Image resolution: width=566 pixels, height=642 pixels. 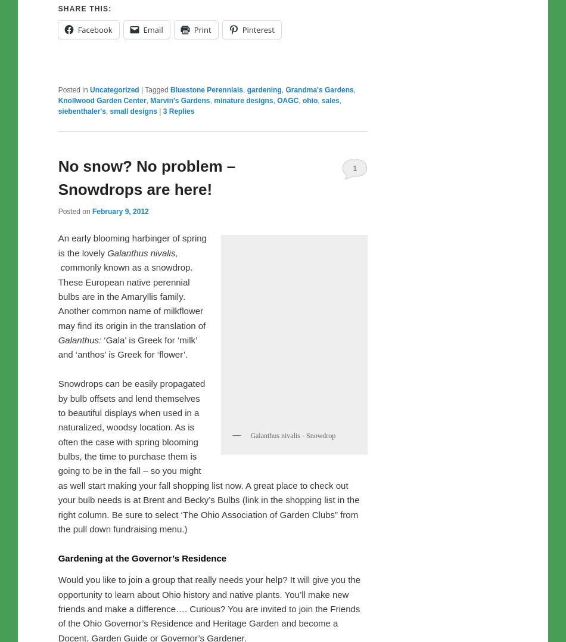 What do you see at coordinates (242, 129) in the screenshot?
I see `'minature designs'` at bounding box center [242, 129].